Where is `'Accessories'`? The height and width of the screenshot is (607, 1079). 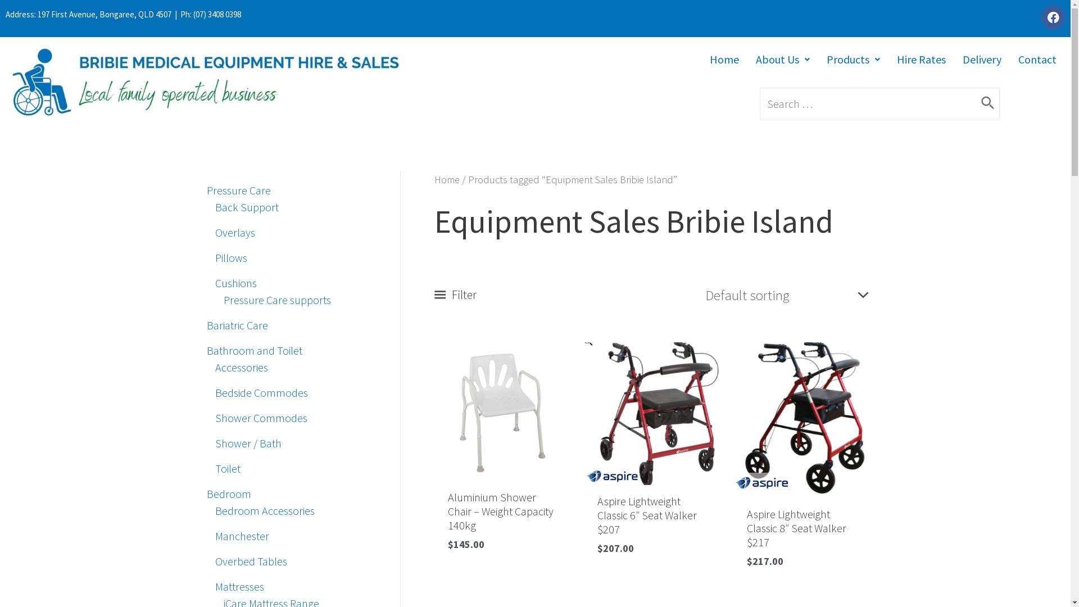
'Accessories' is located at coordinates (215, 367).